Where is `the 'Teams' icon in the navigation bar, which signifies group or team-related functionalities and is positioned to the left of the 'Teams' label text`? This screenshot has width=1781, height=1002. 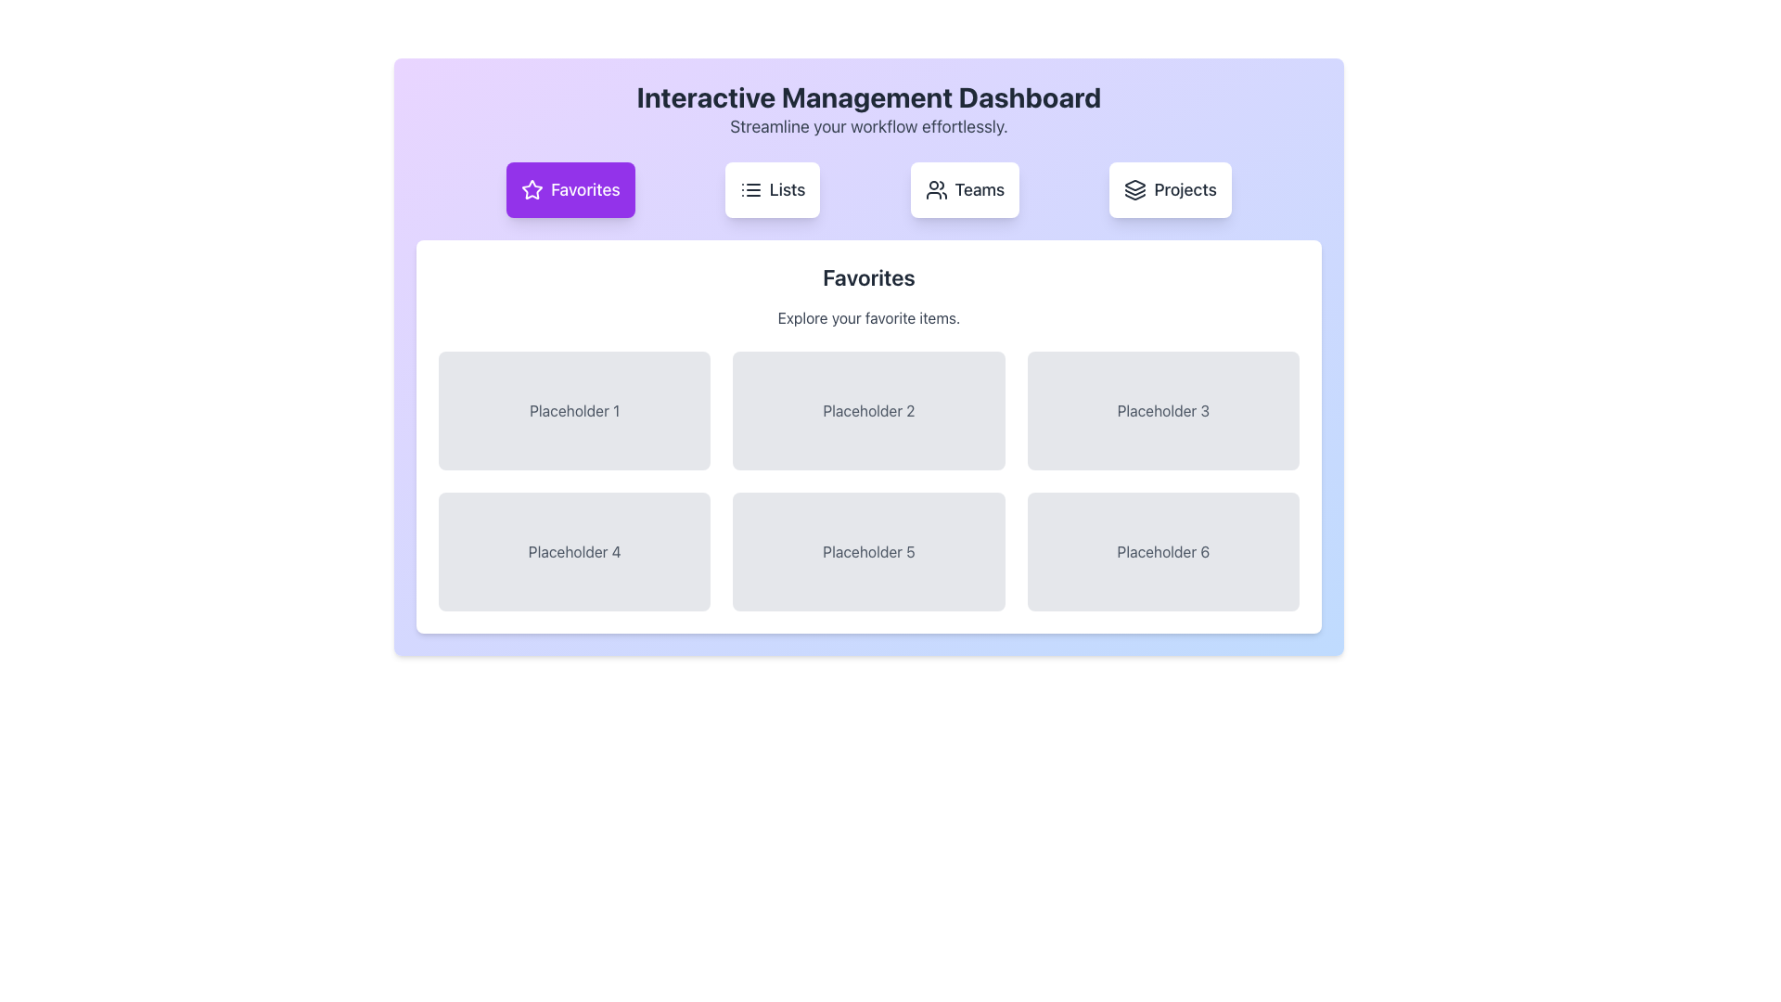
the 'Teams' icon in the navigation bar, which signifies group or team-related functionalities and is positioned to the left of the 'Teams' label text is located at coordinates (936, 189).